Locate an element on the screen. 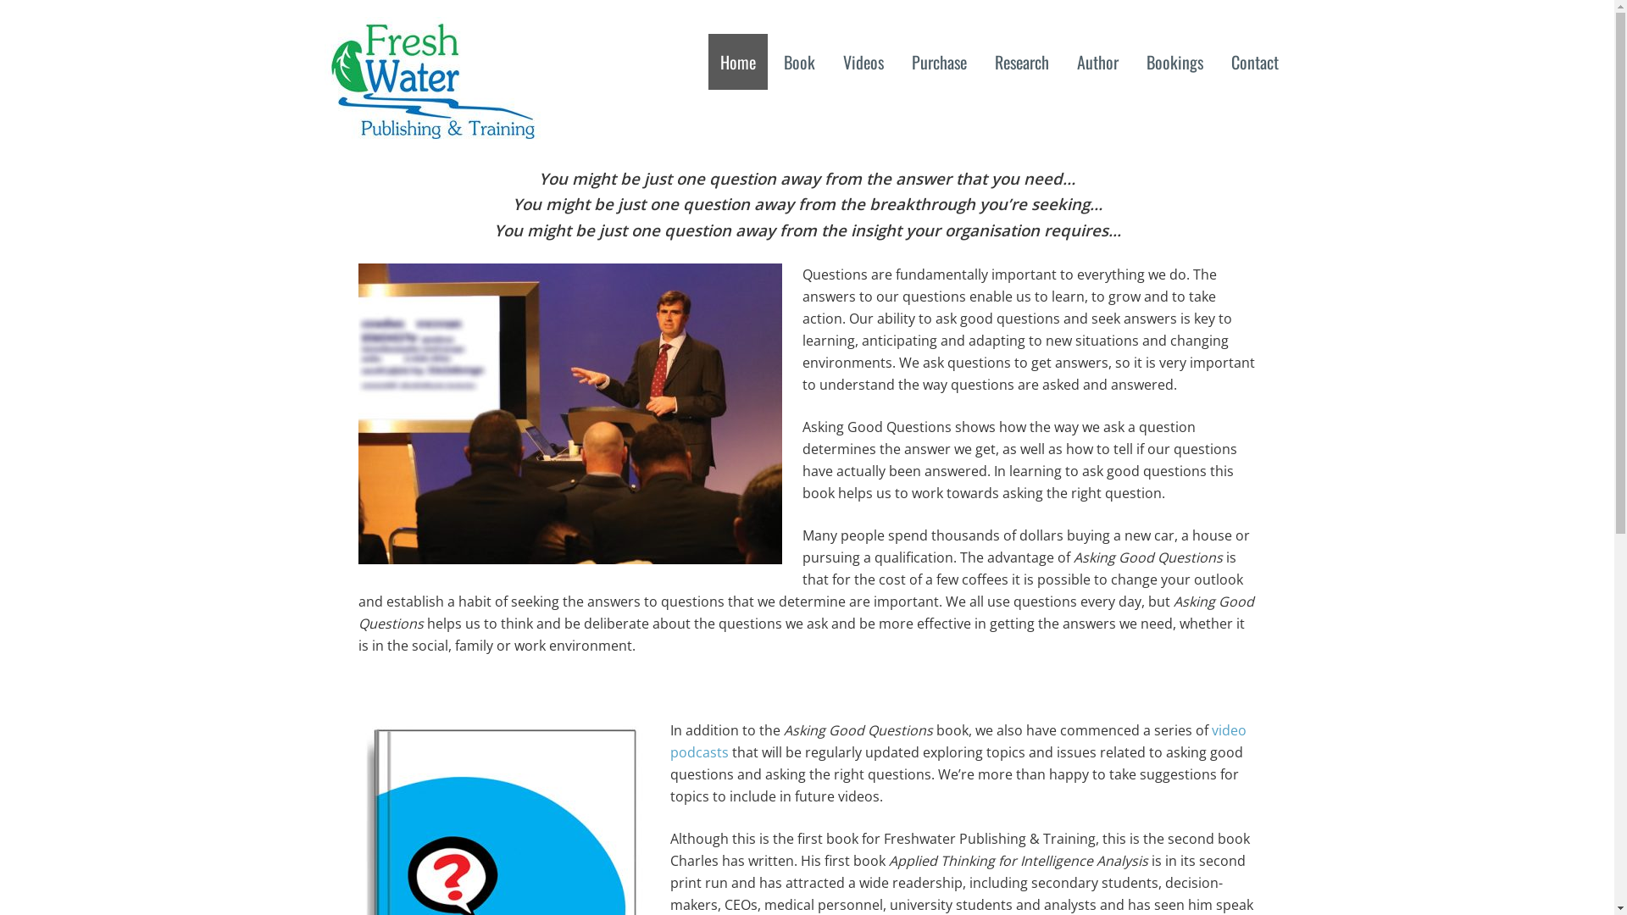  'Research' is located at coordinates (983, 61).